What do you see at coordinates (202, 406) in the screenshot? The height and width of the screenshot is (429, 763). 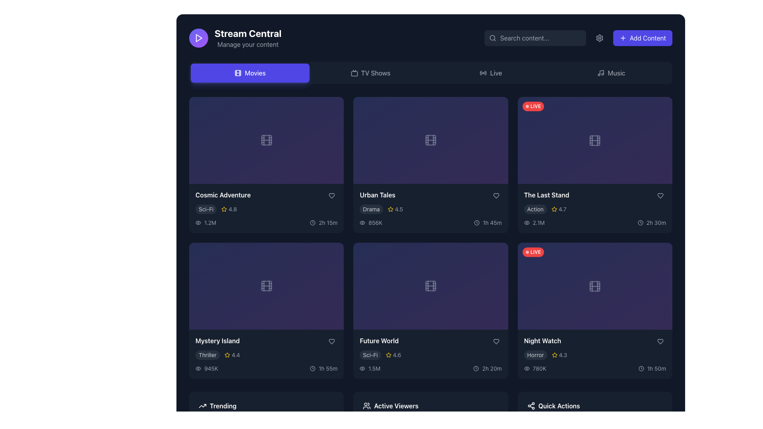 I see `the vector icon that represents the concept of trending, located to the left of the 'Trending' text in the bottom-left corner of the interface` at bounding box center [202, 406].